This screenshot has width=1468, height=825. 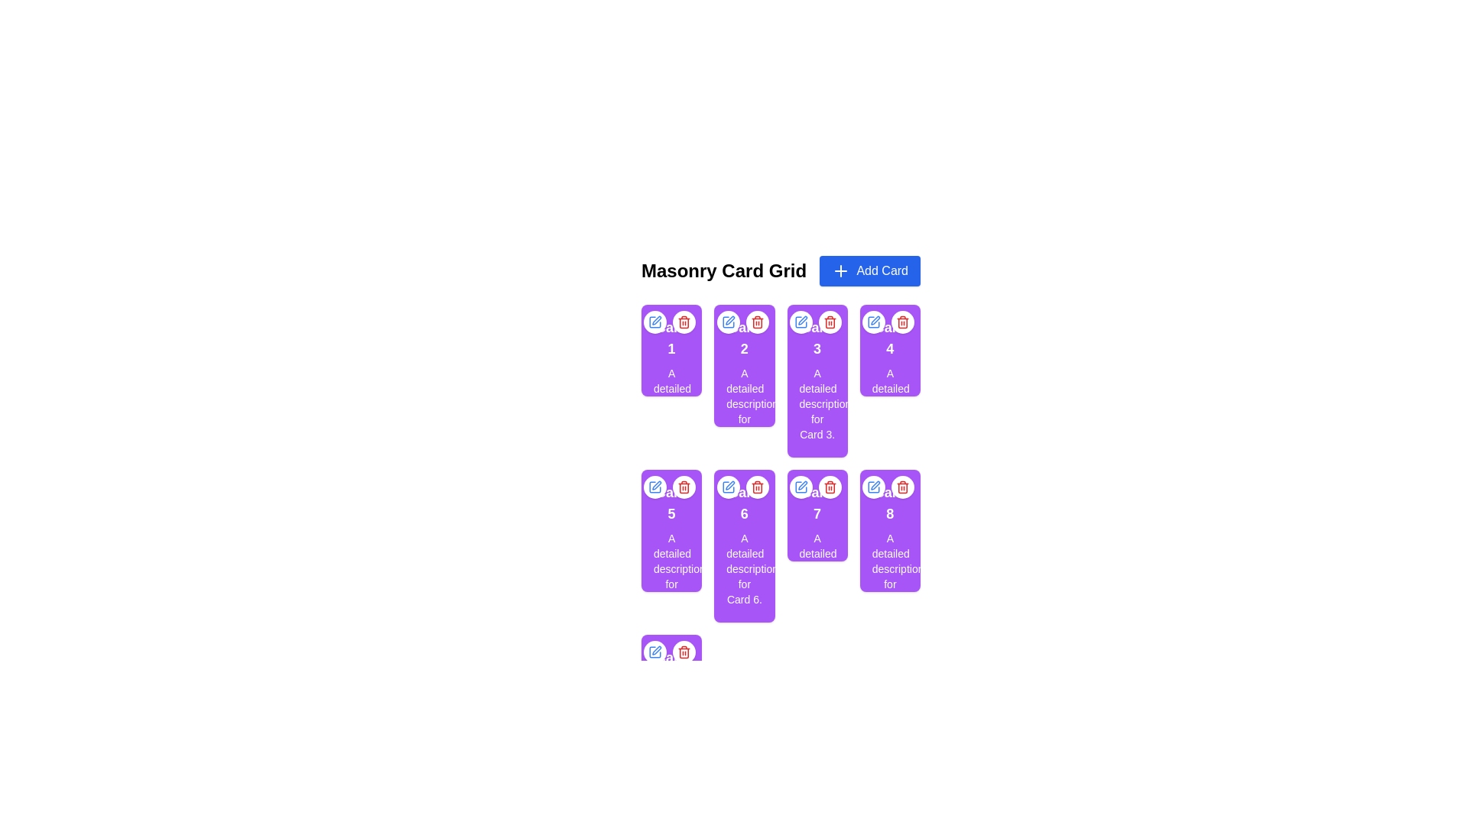 What do you see at coordinates (800, 487) in the screenshot?
I see `the circular button with a white background and a blue pen icon located at the top-right of the card labeled '7'` at bounding box center [800, 487].